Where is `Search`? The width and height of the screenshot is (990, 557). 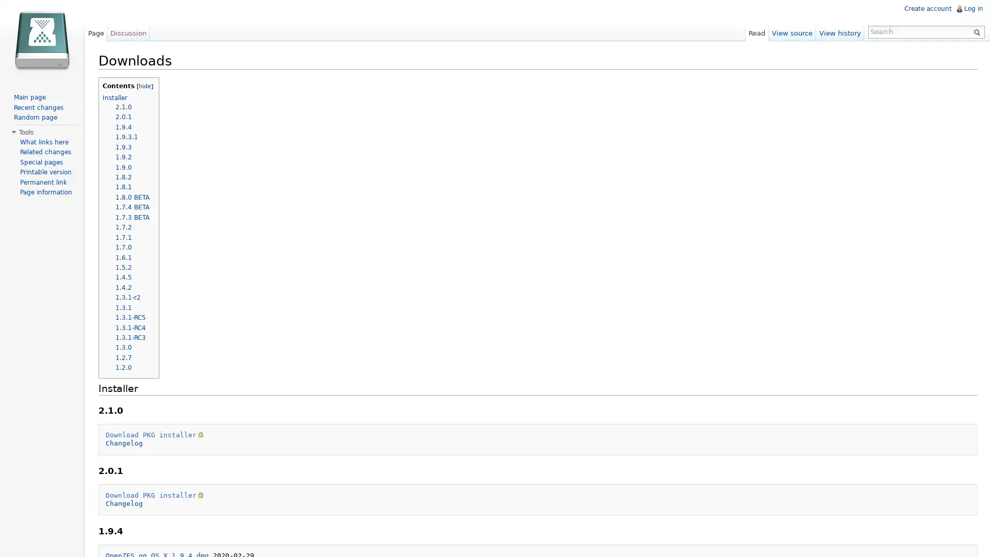
Search is located at coordinates (975, 31).